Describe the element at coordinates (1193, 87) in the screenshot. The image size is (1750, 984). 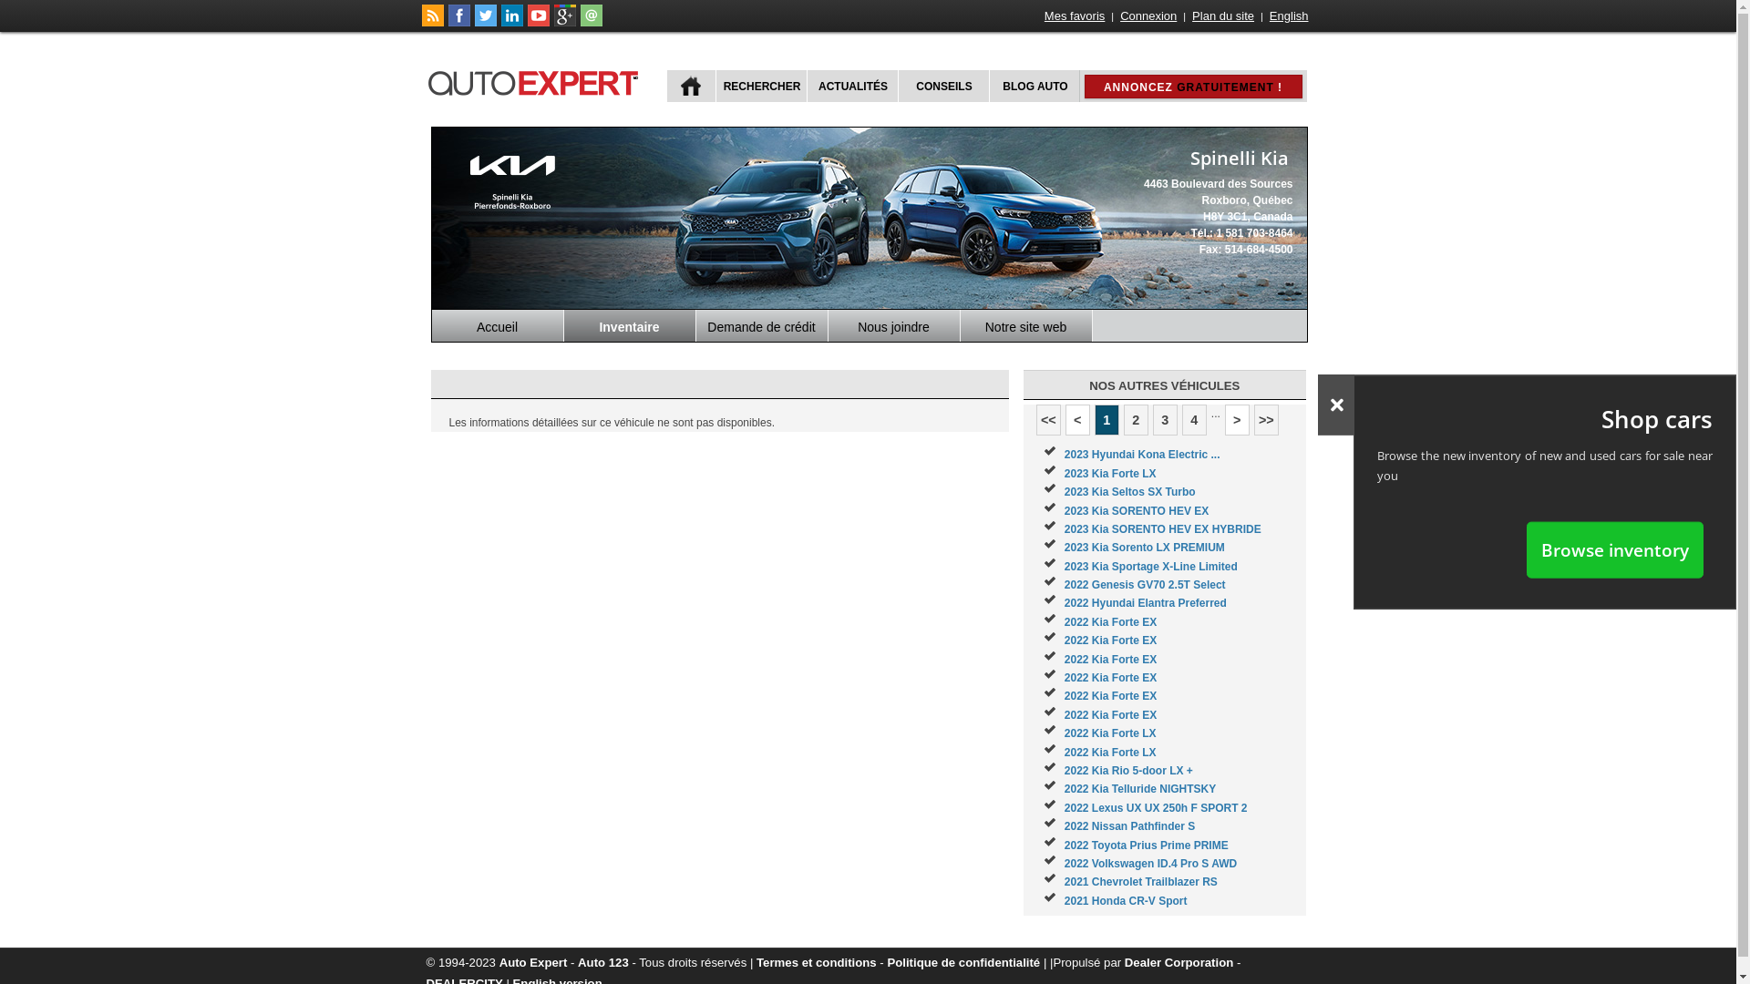
I see `'ANNONCEZ GRATUITEMENT !'` at that location.